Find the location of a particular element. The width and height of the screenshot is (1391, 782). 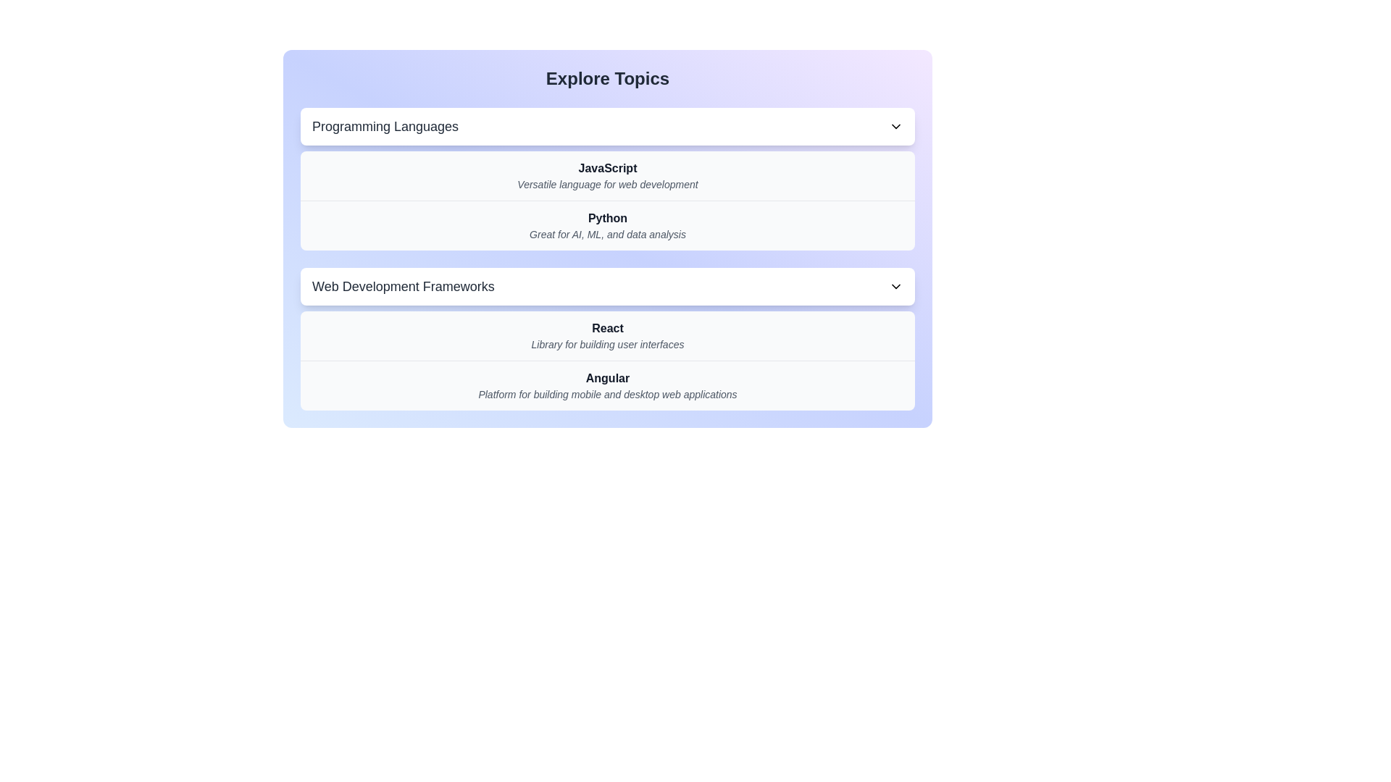

the List item or topic heading for 'Python' in the 'Programming Languages' section to emphasize it is located at coordinates (608, 225).